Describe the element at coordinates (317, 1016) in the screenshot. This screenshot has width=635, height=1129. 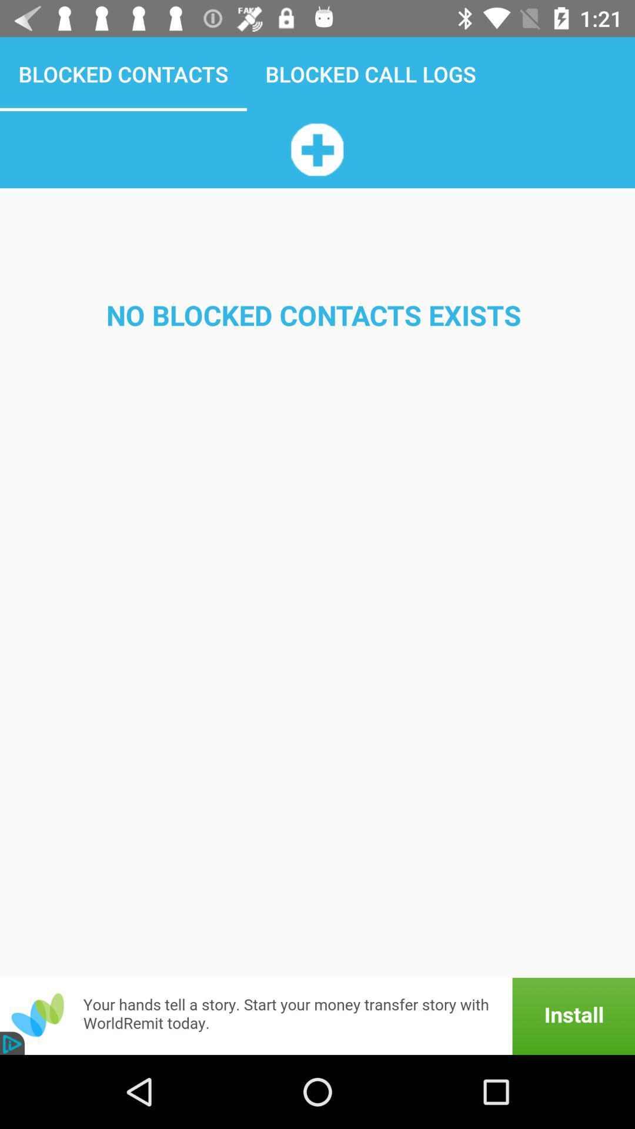
I see `app installation` at that location.